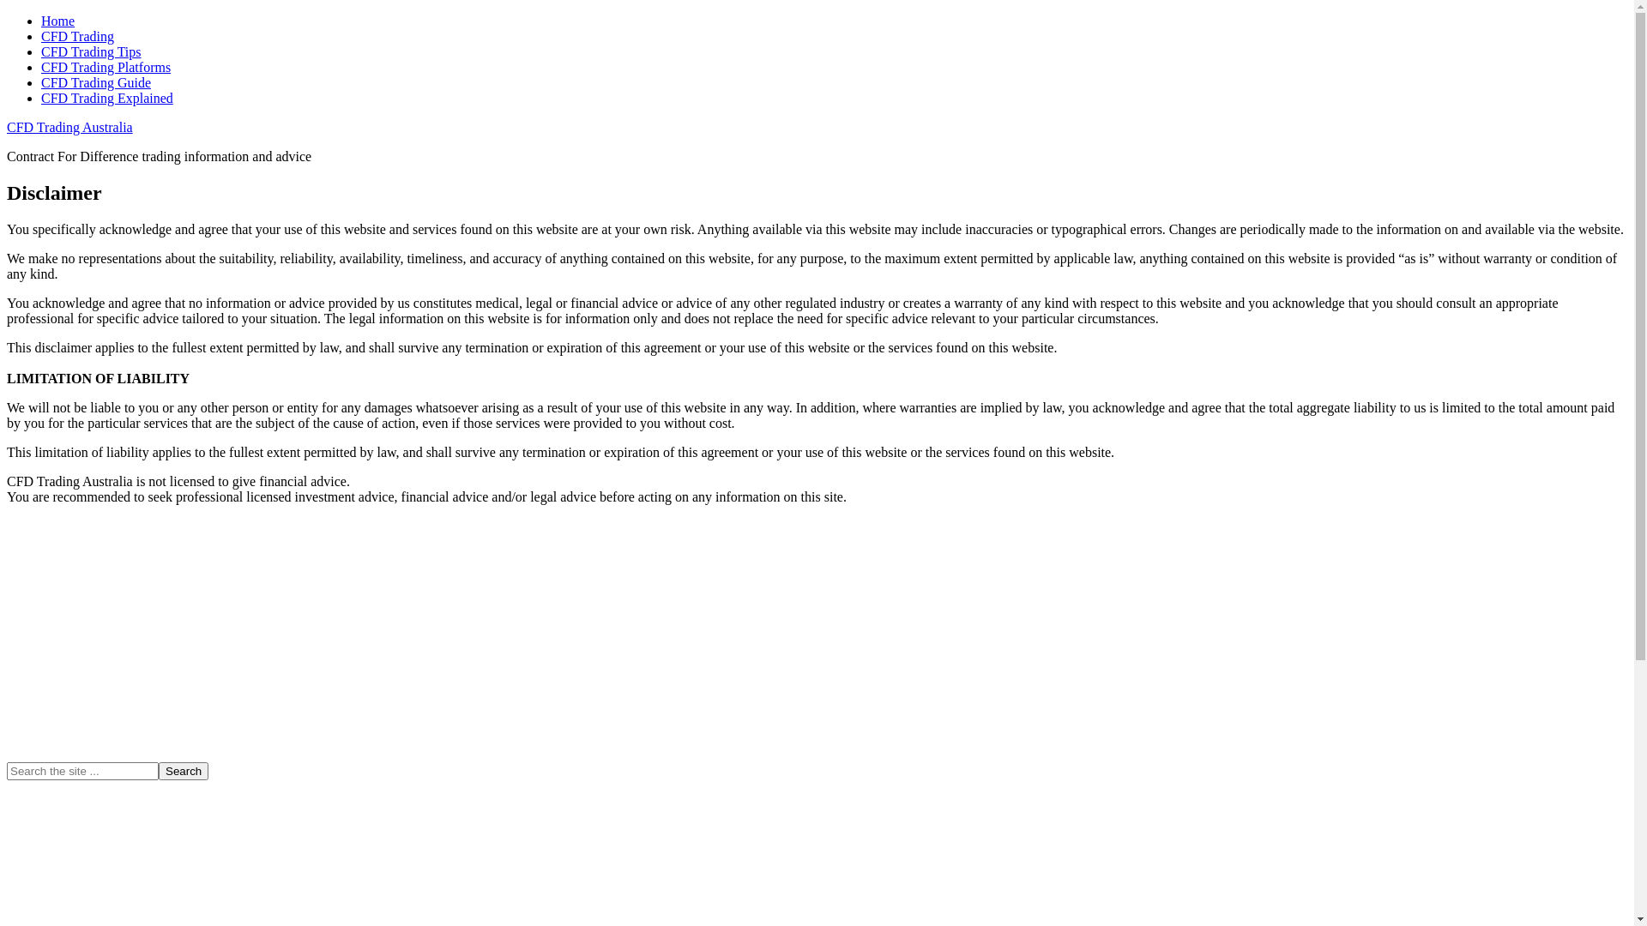  Describe the element at coordinates (41, 98) in the screenshot. I see `'CFD Trading Explained'` at that location.